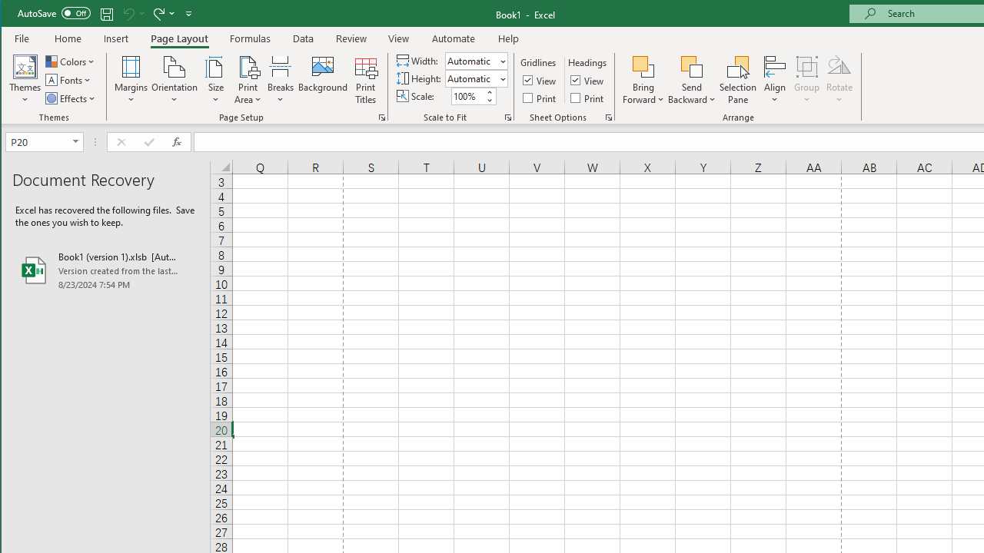 The height and width of the screenshot is (553, 984). Describe the element at coordinates (691, 65) in the screenshot. I see `'Send Backward'` at that location.